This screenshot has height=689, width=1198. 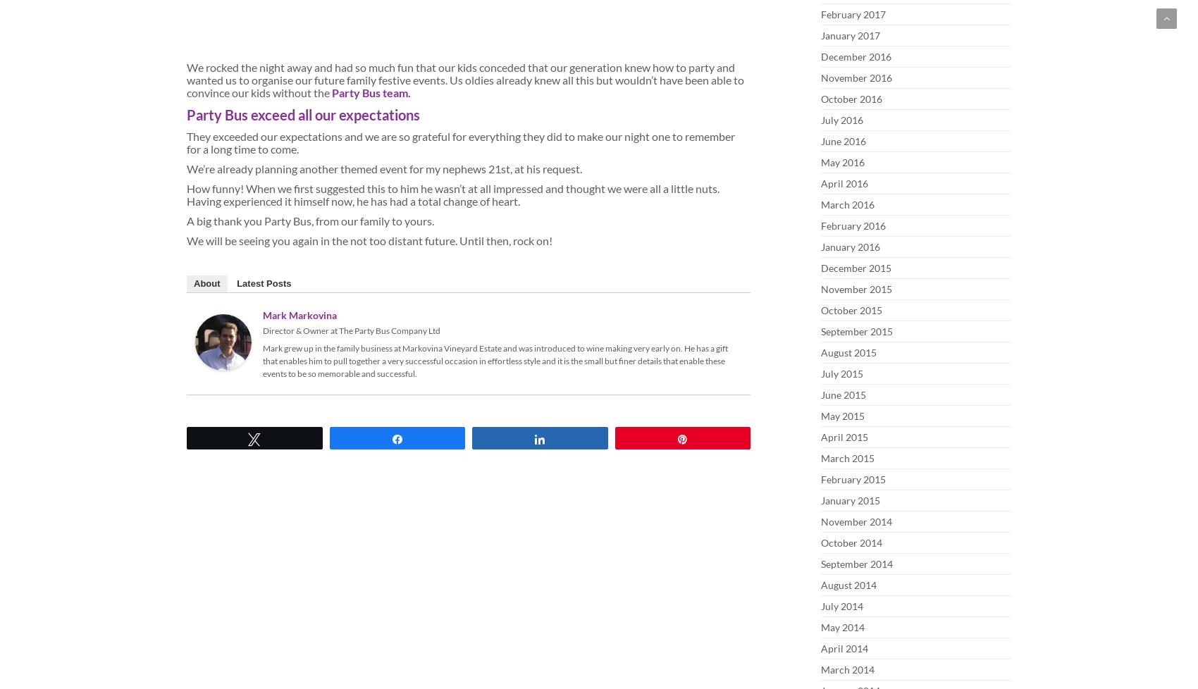 What do you see at coordinates (460, 142) in the screenshot?
I see `'They exceeded our expectations and we are so grateful for everything they did to make our night one to remember for a long time to come.'` at bounding box center [460, 142].